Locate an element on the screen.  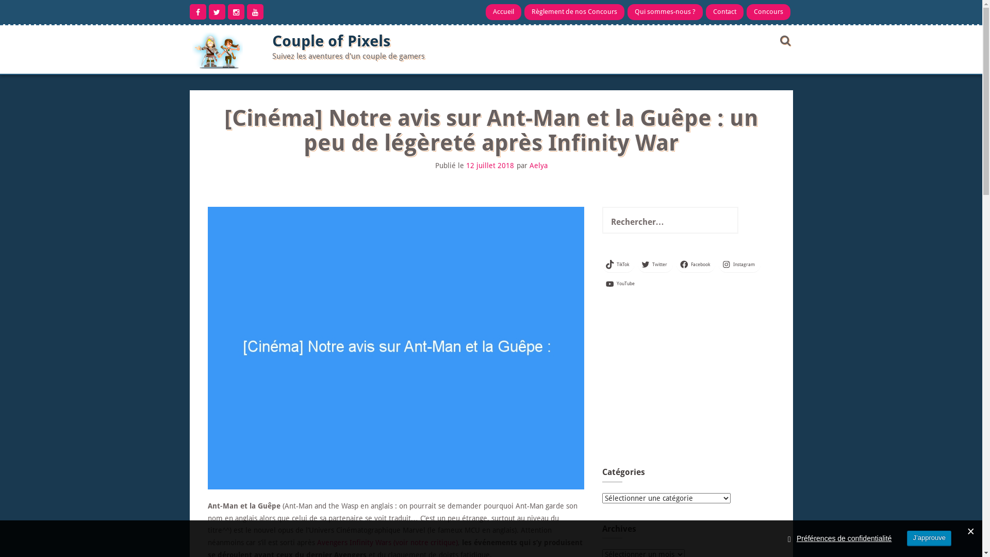
'Couple of Pixels' is located at coordinates (272, 40).